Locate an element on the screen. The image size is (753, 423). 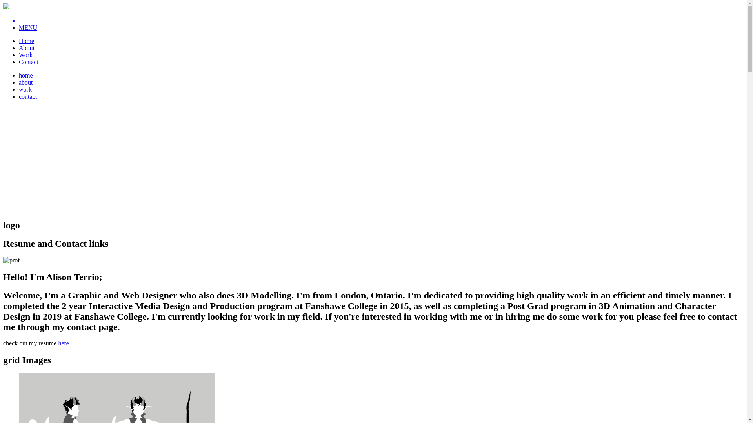
'here' is located at coordinates (64, 343).